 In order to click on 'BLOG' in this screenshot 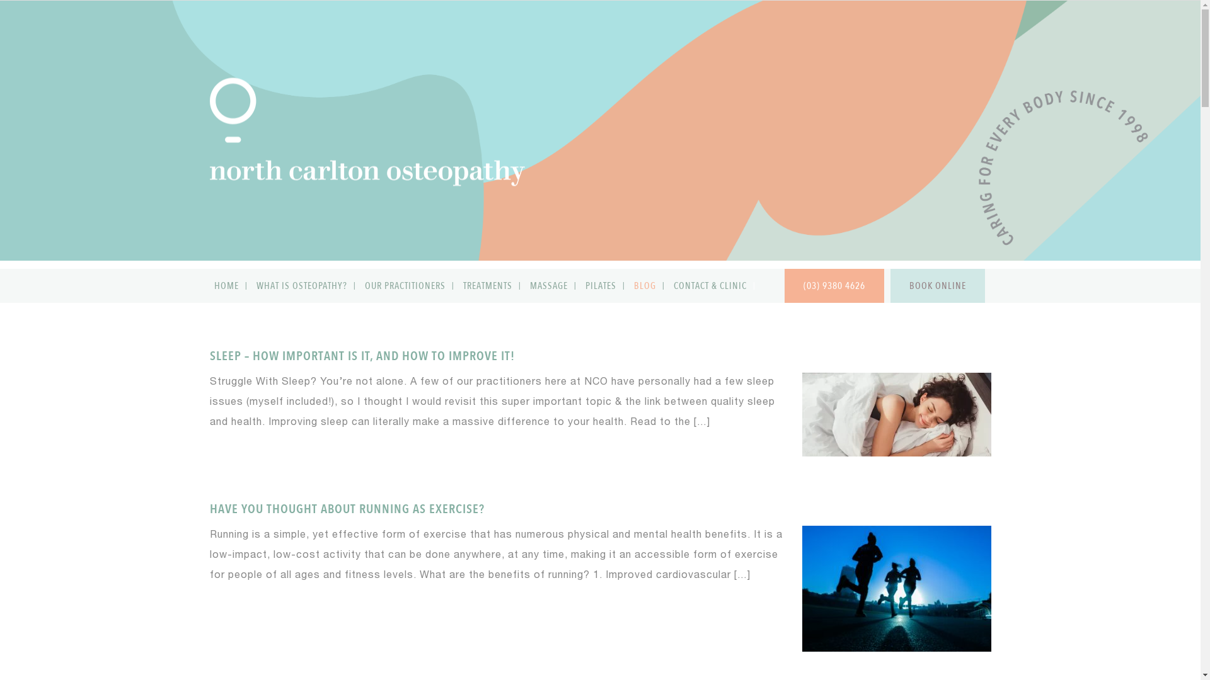, I will do `click(629, 286)`.